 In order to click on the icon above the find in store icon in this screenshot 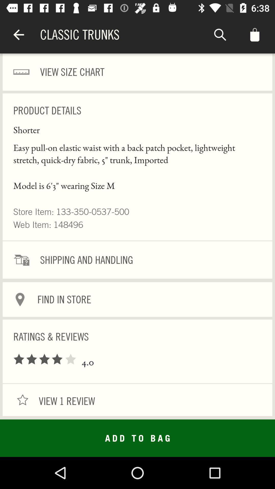, I will do `click(137, 260)`.